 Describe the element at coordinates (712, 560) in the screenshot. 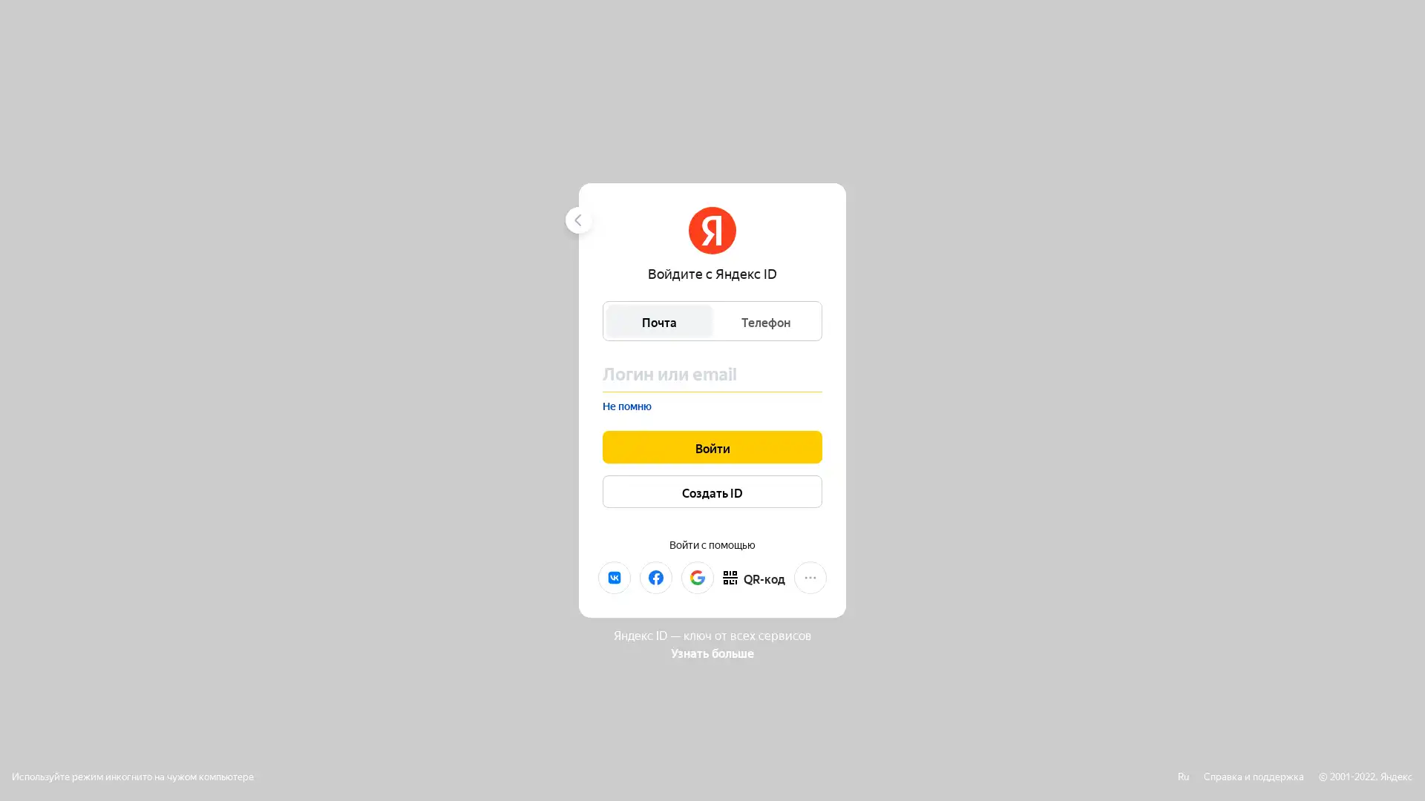

I see `Twitter` at that location.